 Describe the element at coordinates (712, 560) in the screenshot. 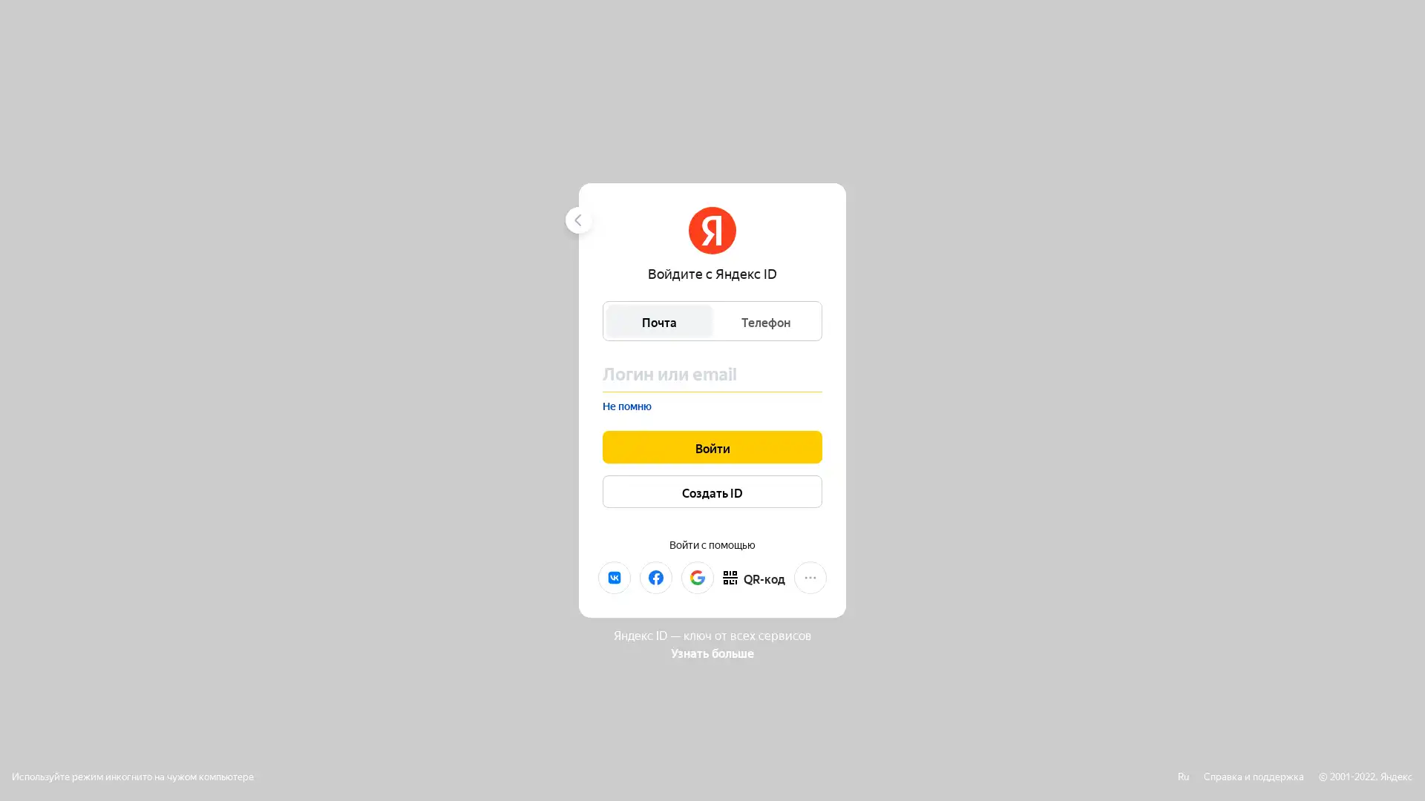

I see `Twitter` at that location.